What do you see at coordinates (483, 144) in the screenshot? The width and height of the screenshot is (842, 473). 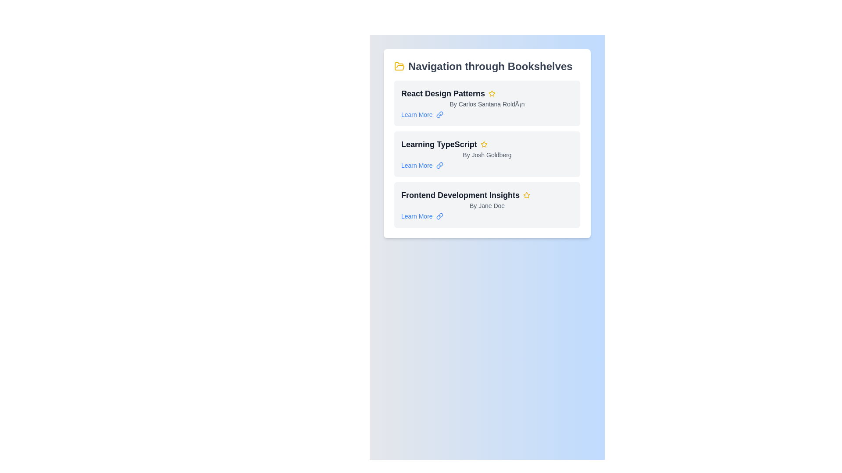 I see `the star icon located to the right of the 'Learning TypeScript' text in the second card of the 'Navigation through Bookshelves' section` at bounding box center [483, 144].